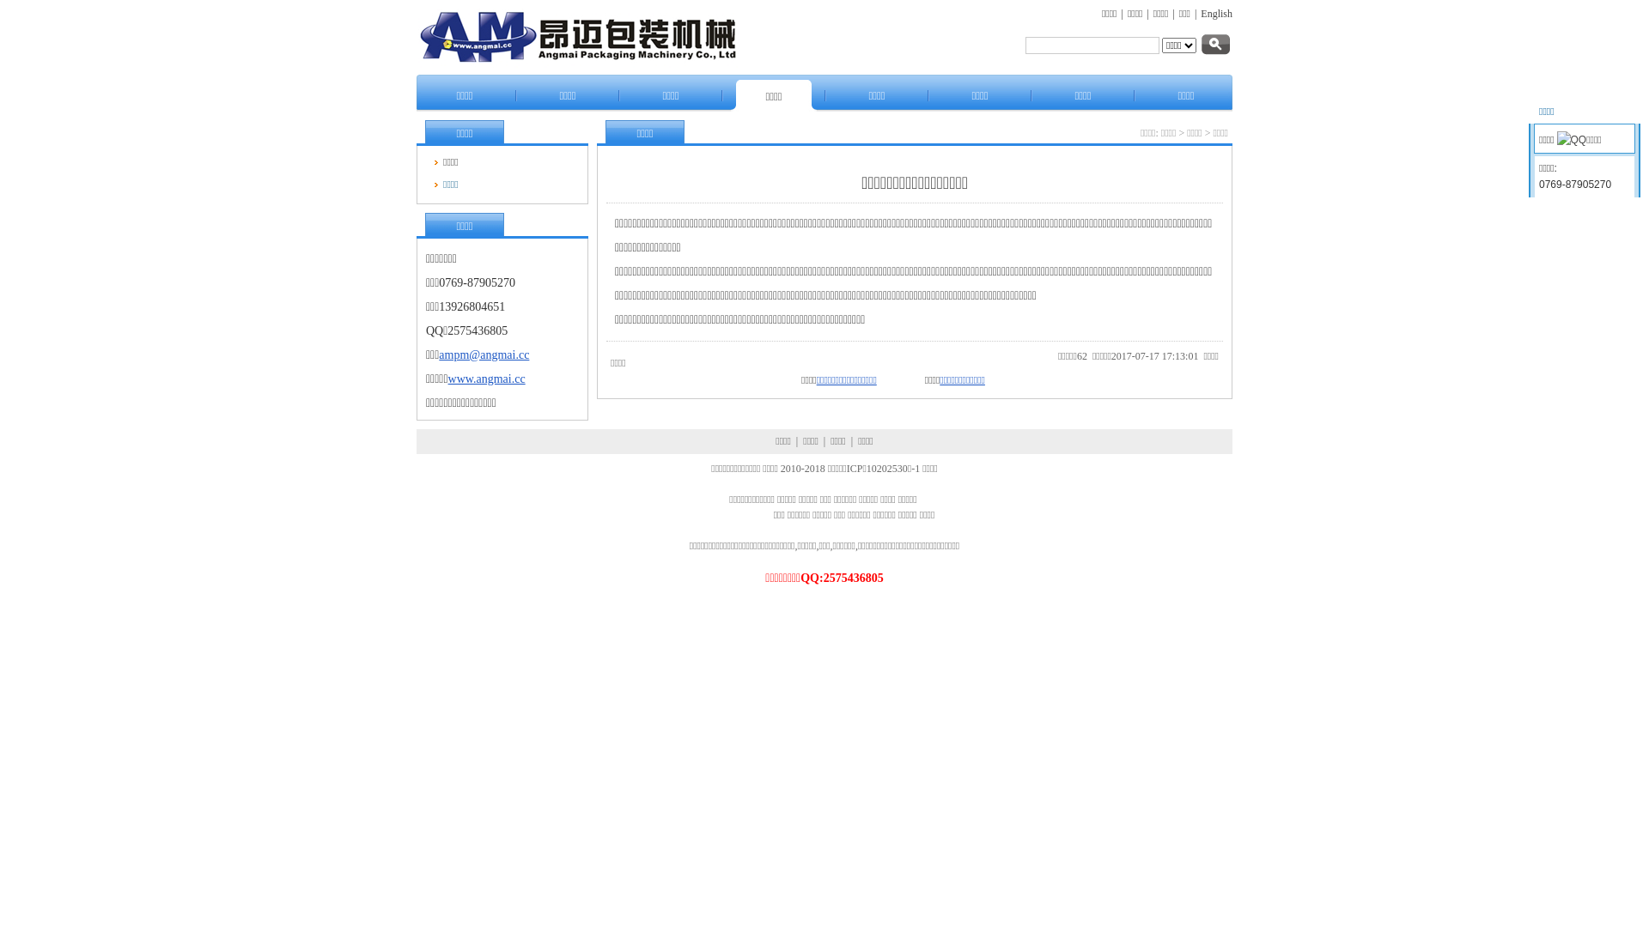 Image resolution: width=1649 pixels, height=927 pixels. What do you see at coordinates (438, 354) in the screenshot?
I see `'ampm@angmai.cc'` at bounding box center [438, 354].